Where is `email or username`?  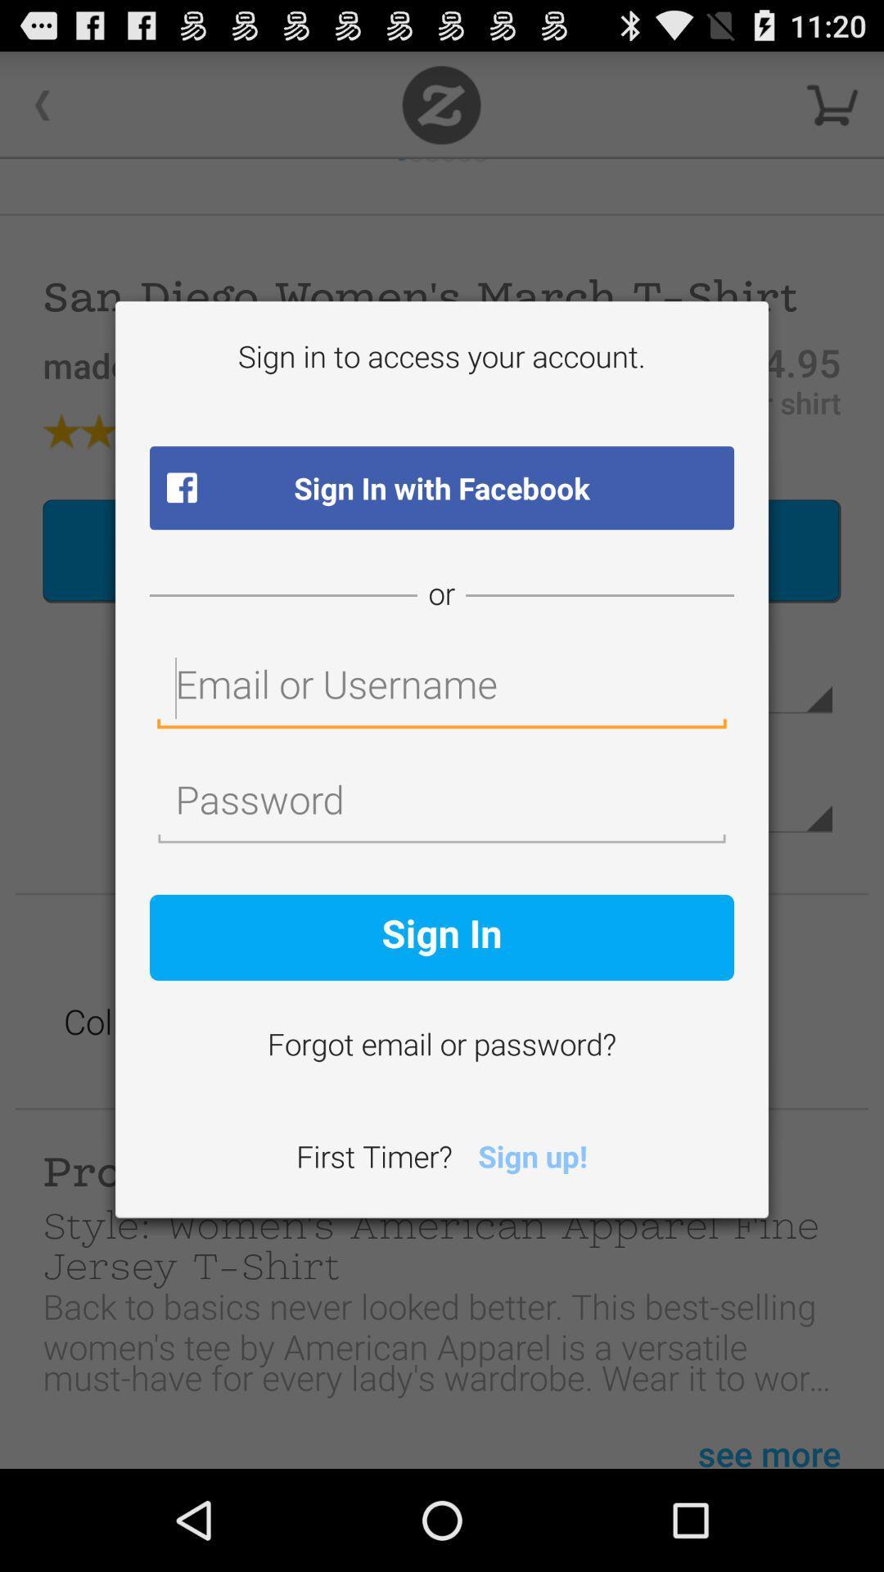
email or username is located at coordinates (442, 689).